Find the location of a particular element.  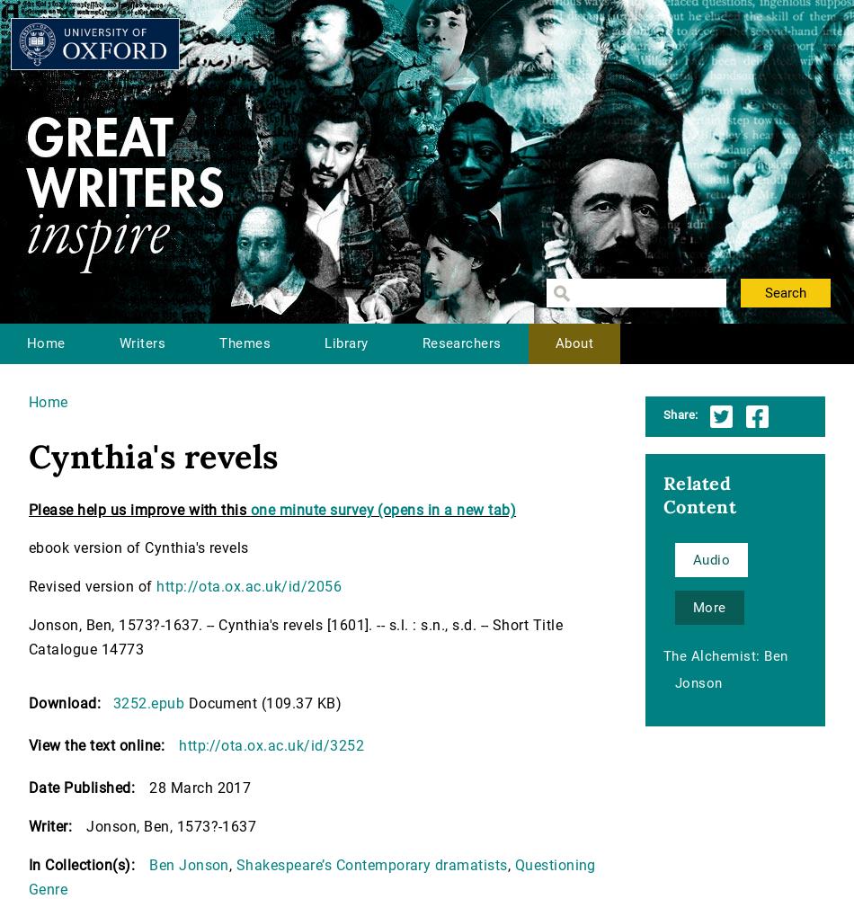

'Please help us improve with this' is located at coordinates (139, 509).